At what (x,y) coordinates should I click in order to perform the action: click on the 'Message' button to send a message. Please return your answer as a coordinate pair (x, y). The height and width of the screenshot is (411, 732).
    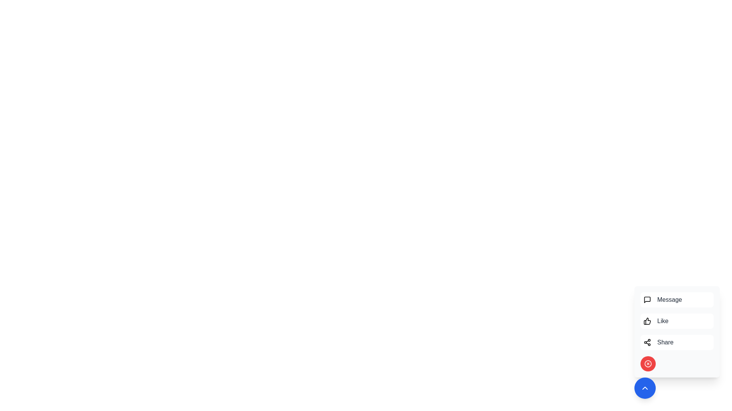
    Looking at the image, I should click on (677, 299).